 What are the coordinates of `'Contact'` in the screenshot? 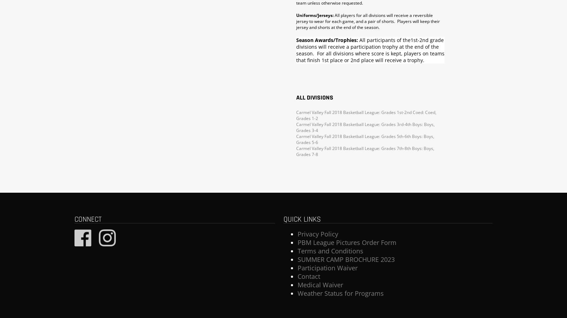 It's located at (297, 276).